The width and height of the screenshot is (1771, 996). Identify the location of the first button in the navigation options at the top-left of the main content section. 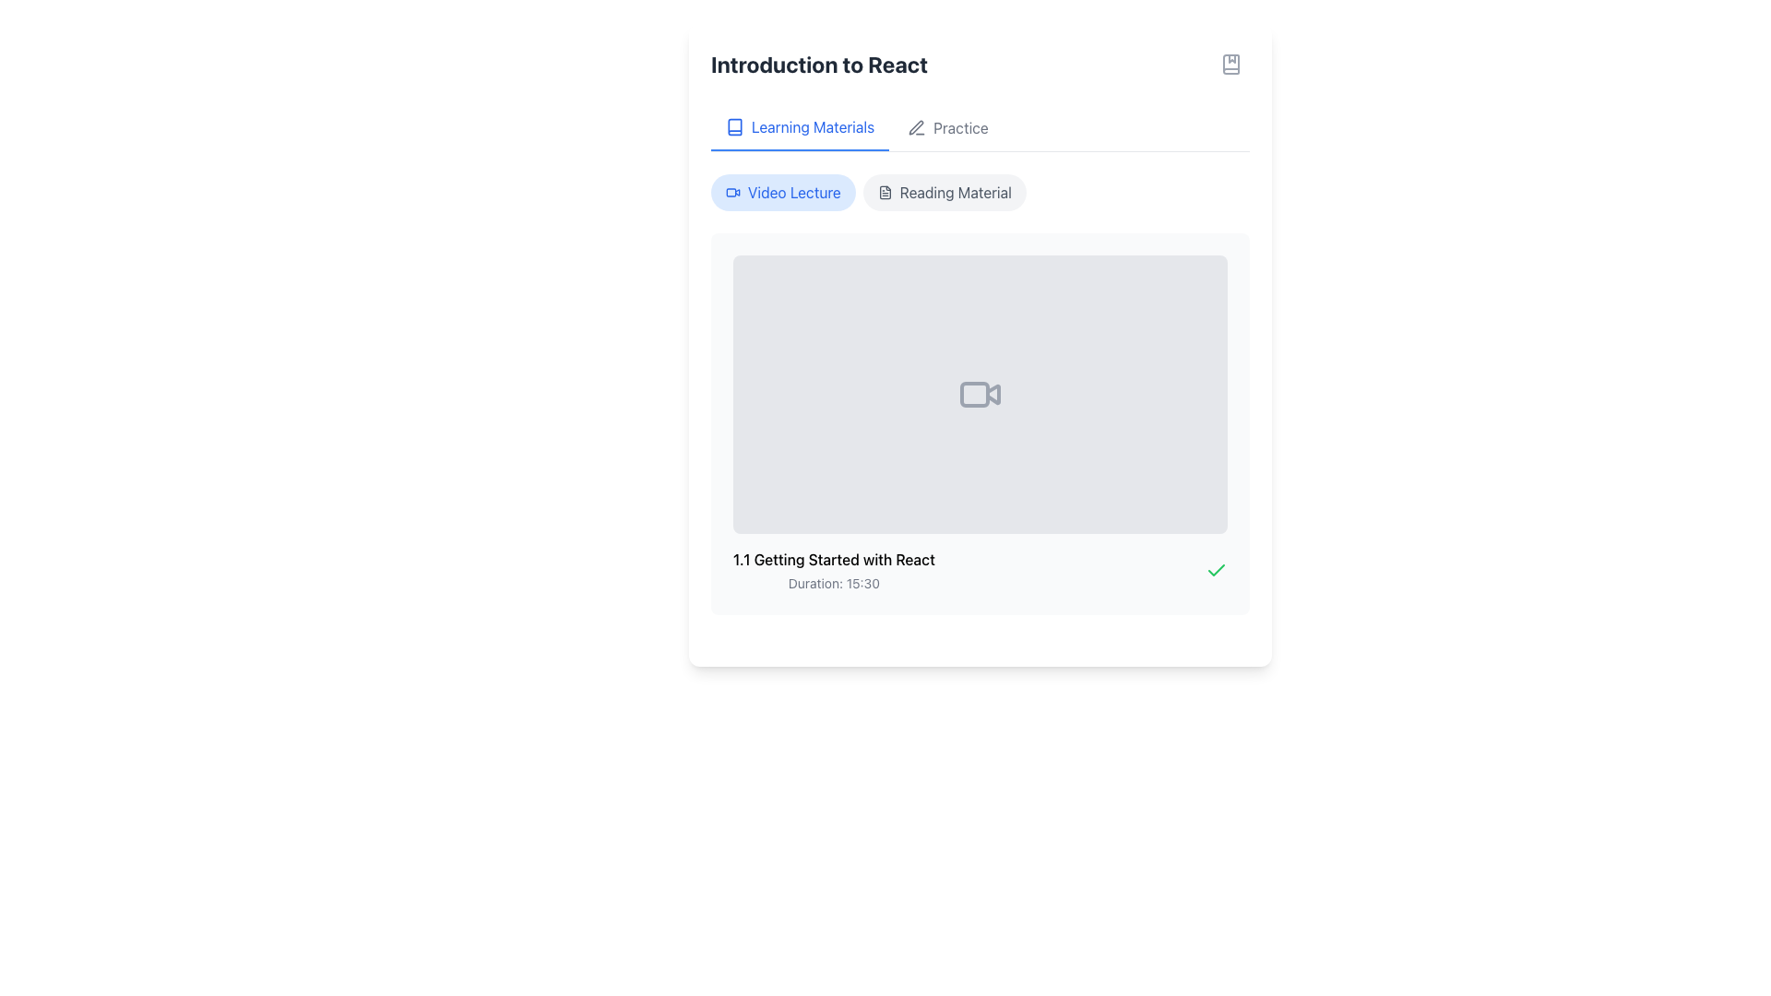
(800, 126).